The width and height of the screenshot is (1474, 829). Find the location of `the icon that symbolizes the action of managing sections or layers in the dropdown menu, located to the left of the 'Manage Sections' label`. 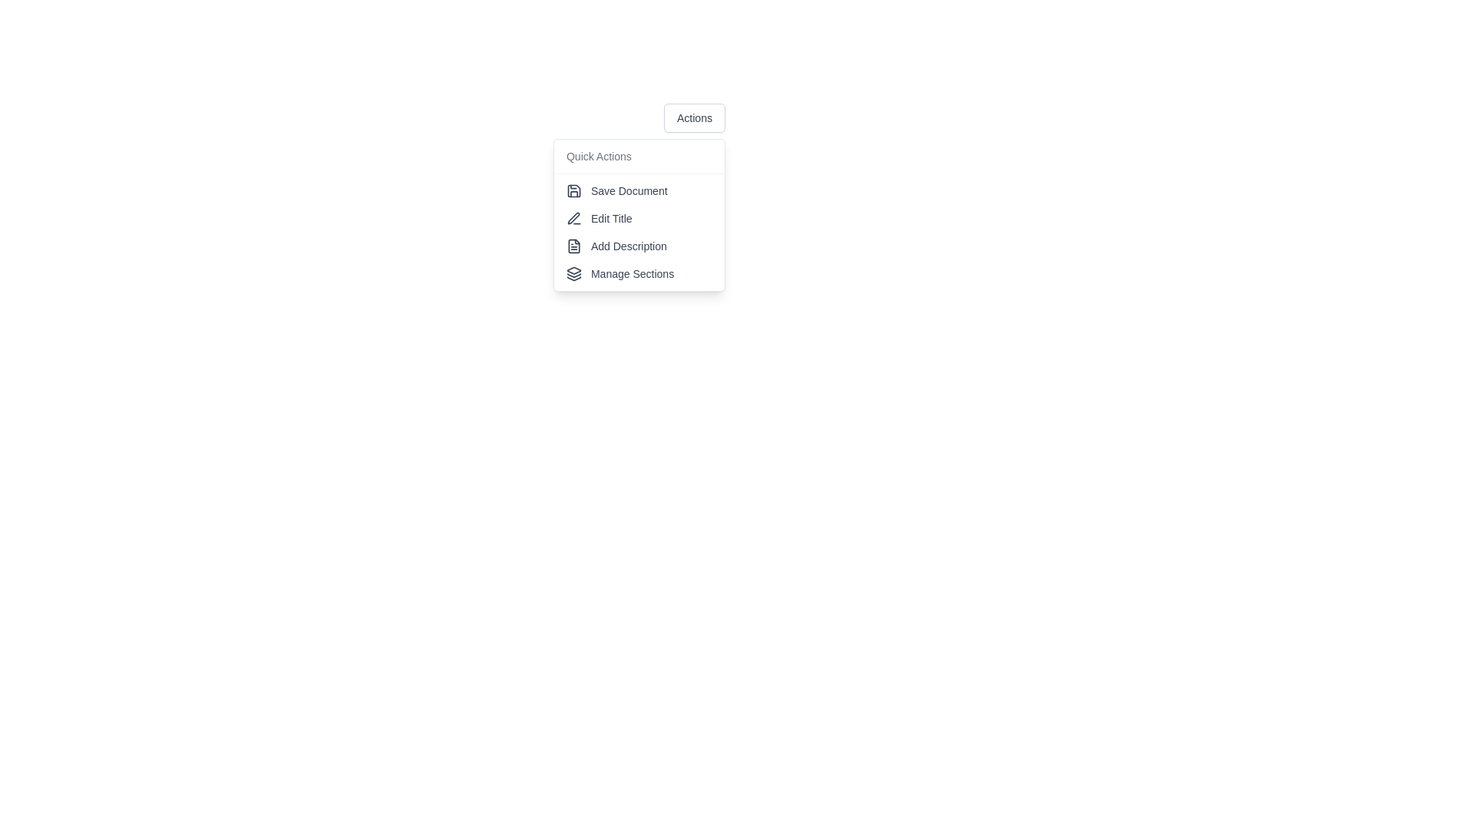

the icon that symbolizes the action of managing sections or layers in the dropdown menu, located to the left of the 'Manage Sections' label is located at coordinates (573, 273).